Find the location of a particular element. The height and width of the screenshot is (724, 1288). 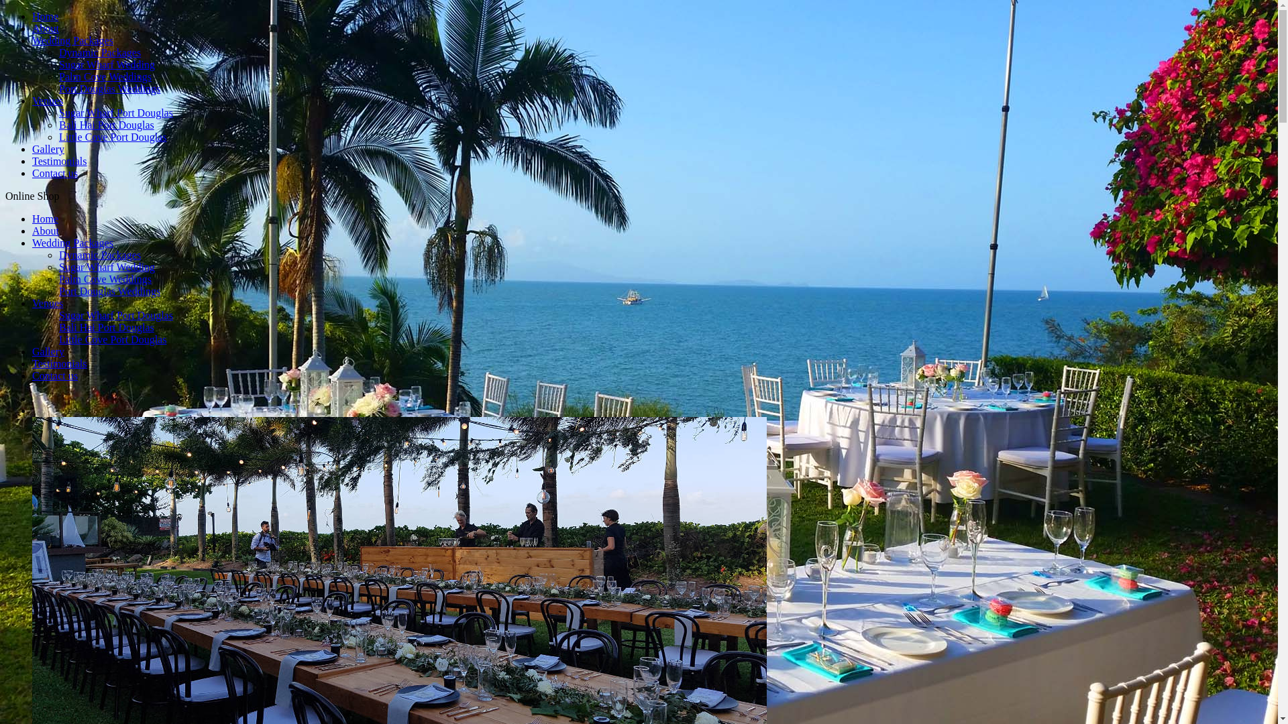

'Bali Hai Port Douglas' is located at coordinates (58, 327).